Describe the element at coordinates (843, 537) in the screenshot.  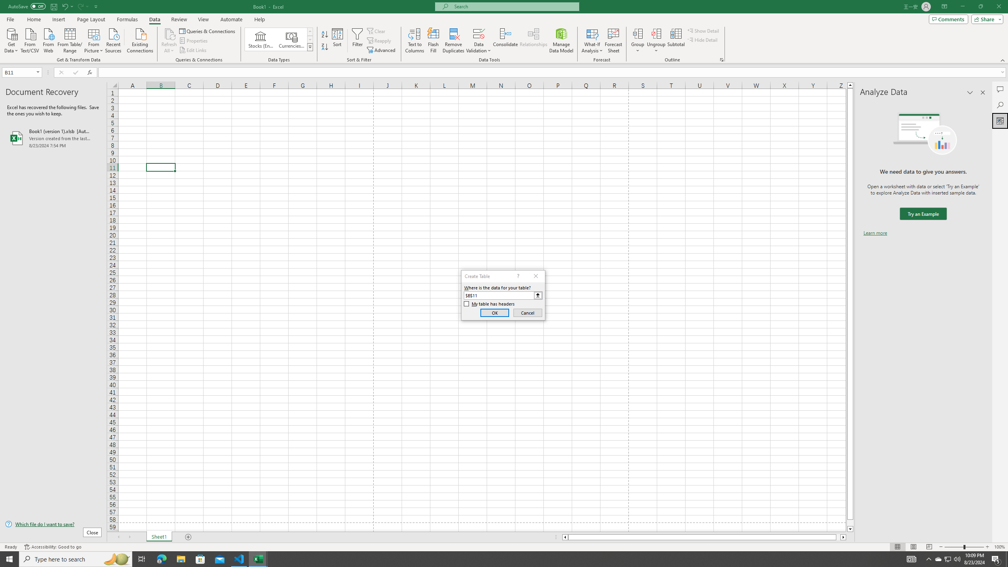
I see `'Column right'` at that location.